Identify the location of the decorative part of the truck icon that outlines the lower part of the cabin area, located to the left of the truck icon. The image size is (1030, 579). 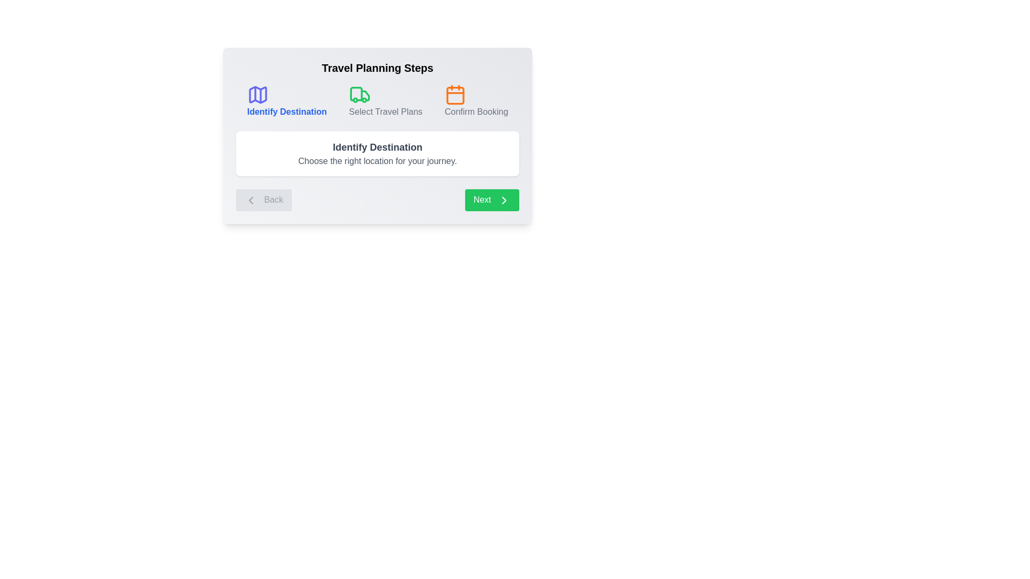
(356, 93).